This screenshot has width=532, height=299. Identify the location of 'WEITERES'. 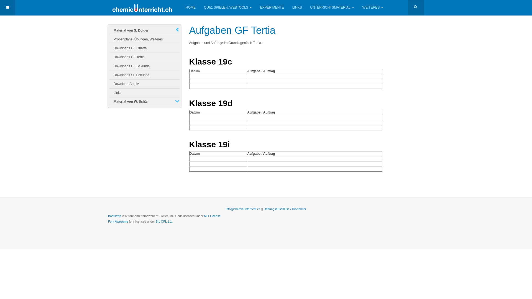
(362, 7).